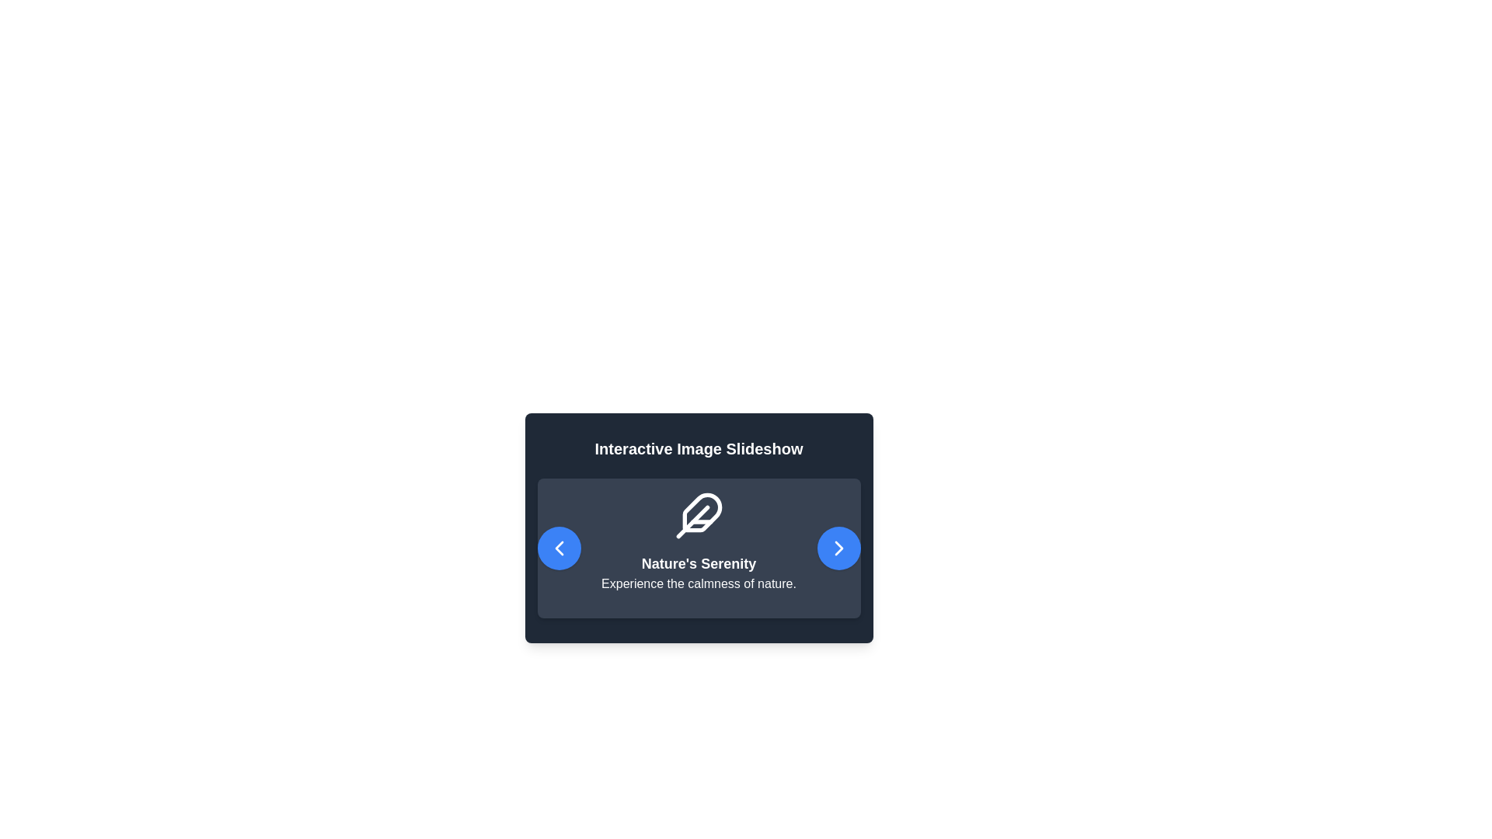 The width and height of the screenshot is (1492, 839). Describe the element at coordinates (559, 547) in the screenshot. I see `the circular blue button with a white left-pointing chevron icon` at that location.